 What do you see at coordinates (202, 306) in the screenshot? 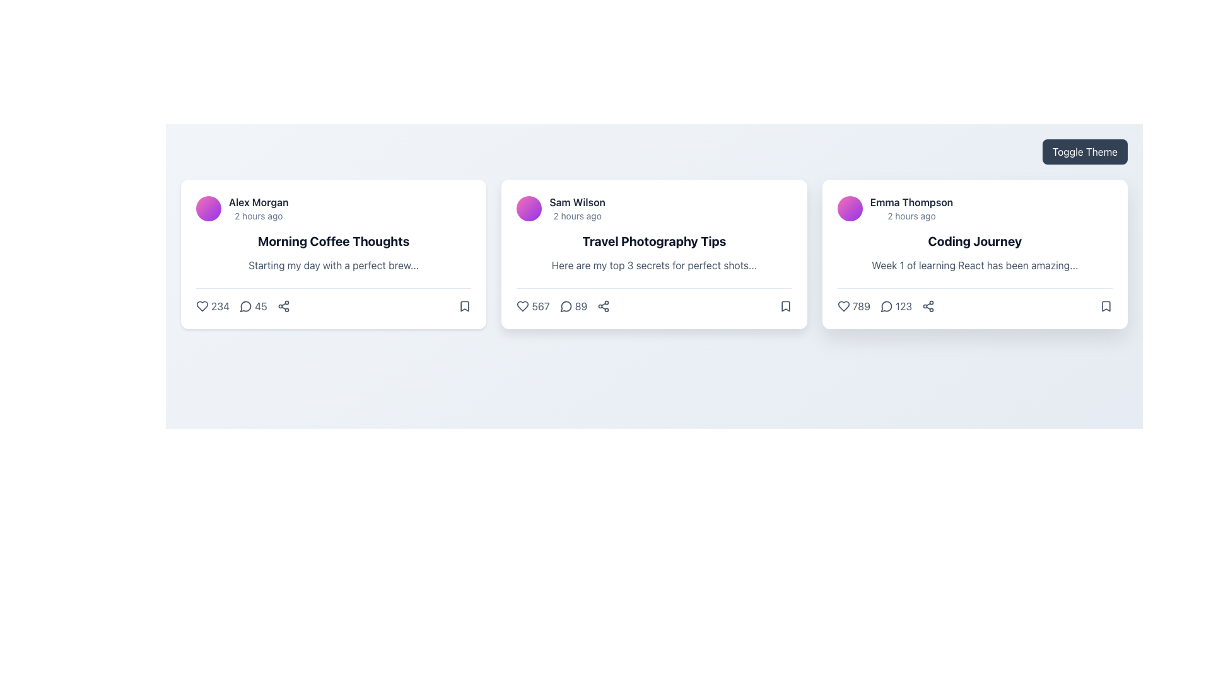
I see `the small heart-shaped icon located to the left of the number '234'` at bounding box center [202, 306].